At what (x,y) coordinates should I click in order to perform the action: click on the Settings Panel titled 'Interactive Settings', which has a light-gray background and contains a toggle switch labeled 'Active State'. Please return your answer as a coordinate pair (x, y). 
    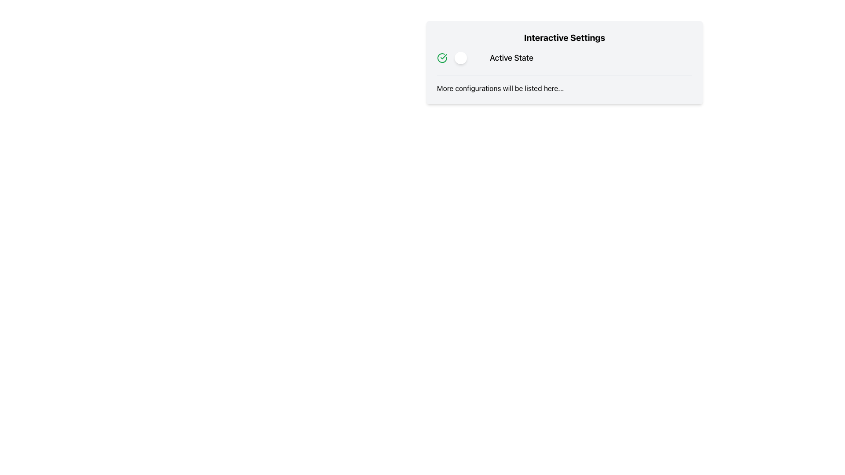
    Looking at the image, I should click on (564, 62).